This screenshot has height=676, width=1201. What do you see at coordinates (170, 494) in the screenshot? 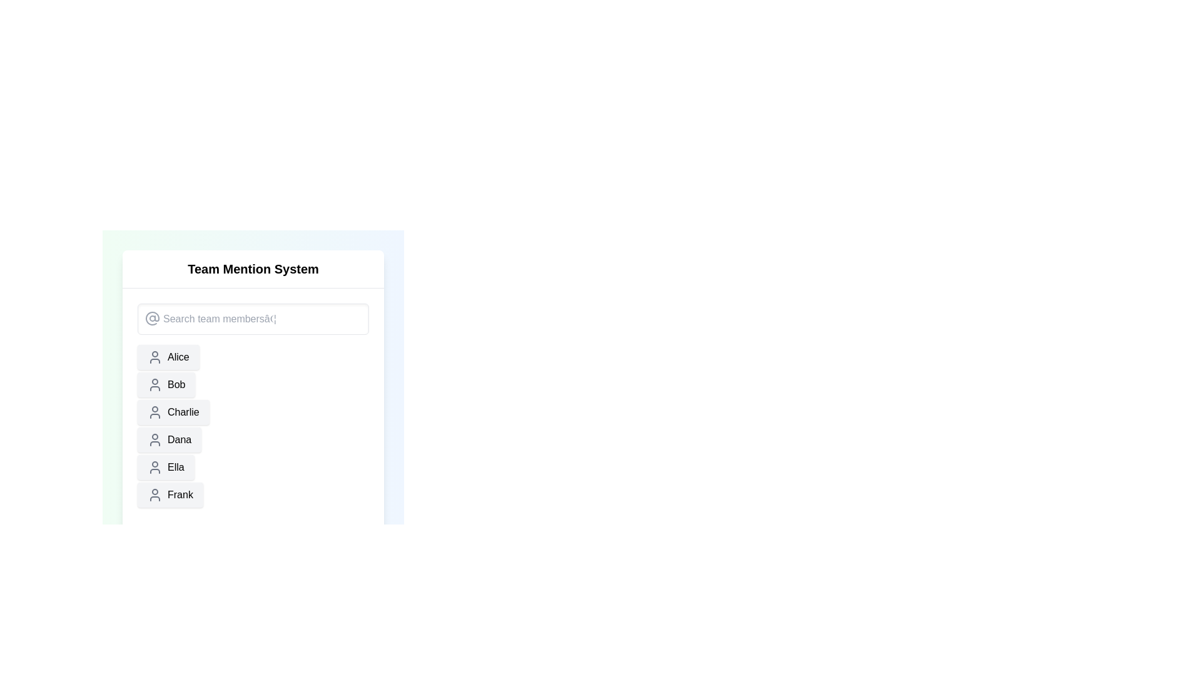
I see `the button representing the user 'Frank'` at bounding box center [170, 494].